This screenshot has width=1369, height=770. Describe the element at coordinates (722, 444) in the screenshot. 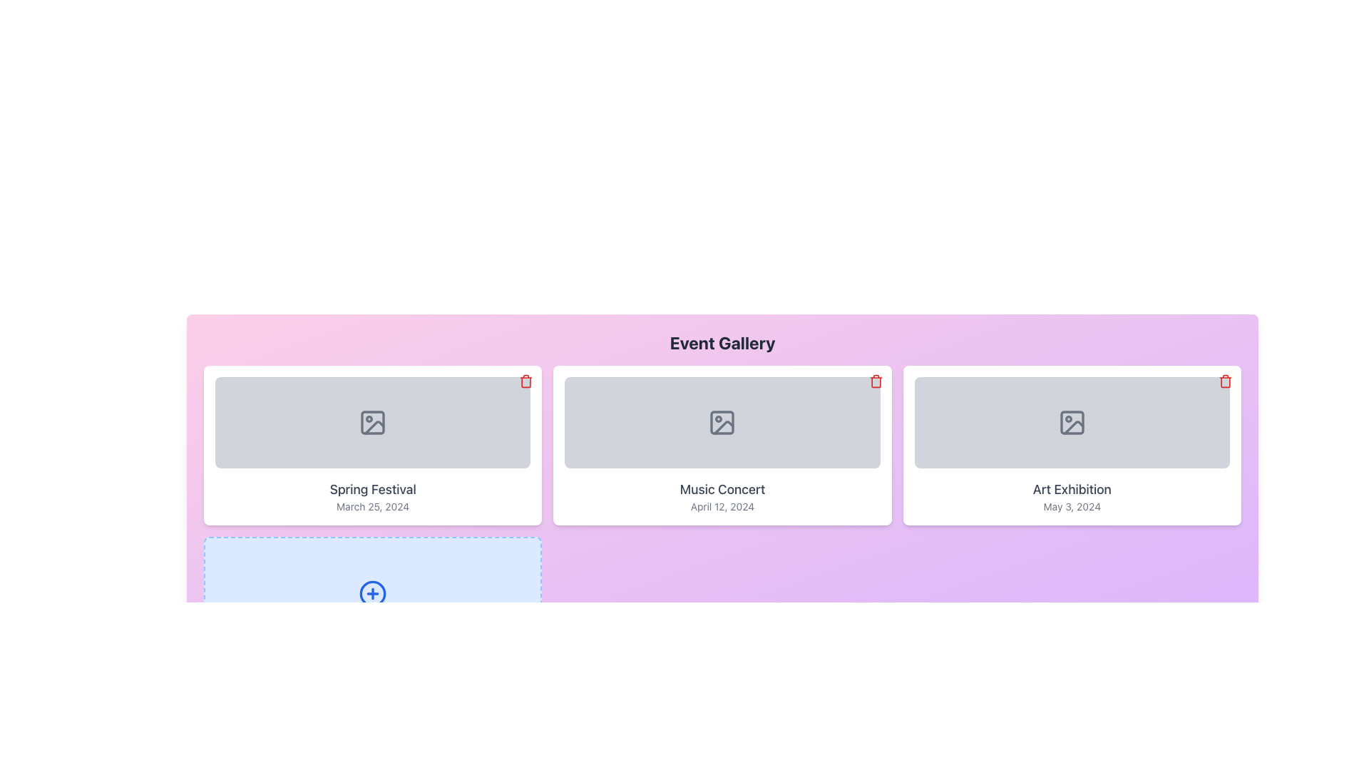

I see `the card-style component featuring 'Music Concert' with a gray image placeholder and rounded corners, positioned in the middle column of the event gallery grid` at that location.